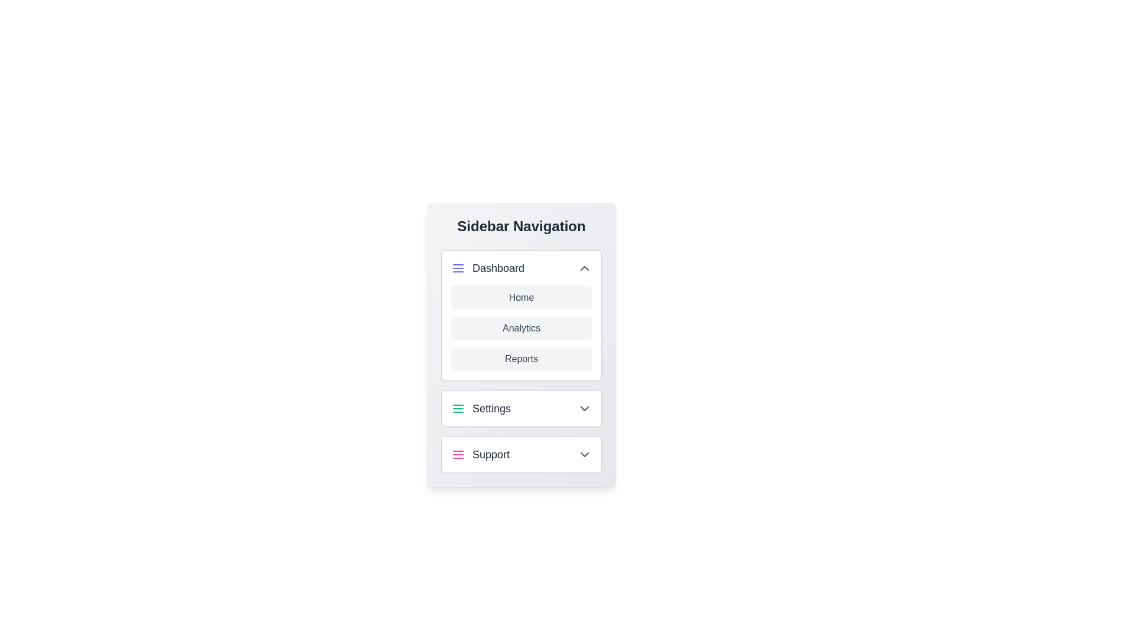  What do you see at coordinates (521, 454) in the screenshot?
I see `the 'Support' navigation menu item in the sidebar` at bounding box center [521, 454].